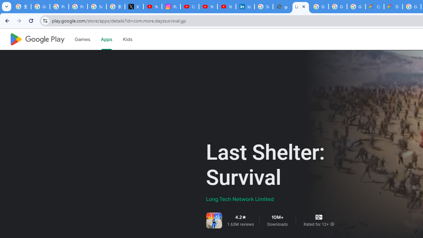  What do you see at coordinates (134, 7) in the screenshot?
I see `'X'` at bounding box center [134, 7].